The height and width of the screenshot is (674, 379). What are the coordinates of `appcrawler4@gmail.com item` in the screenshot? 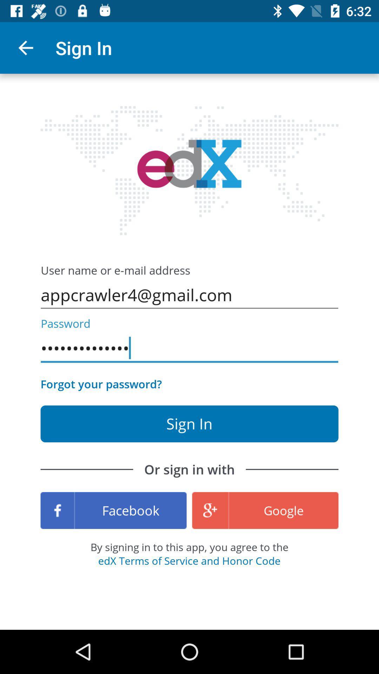 It's located at (189, 295).